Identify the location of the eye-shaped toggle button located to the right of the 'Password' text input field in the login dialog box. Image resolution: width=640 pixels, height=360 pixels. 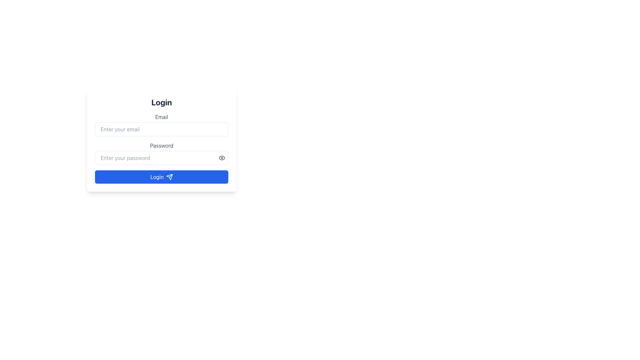
(222, 158).